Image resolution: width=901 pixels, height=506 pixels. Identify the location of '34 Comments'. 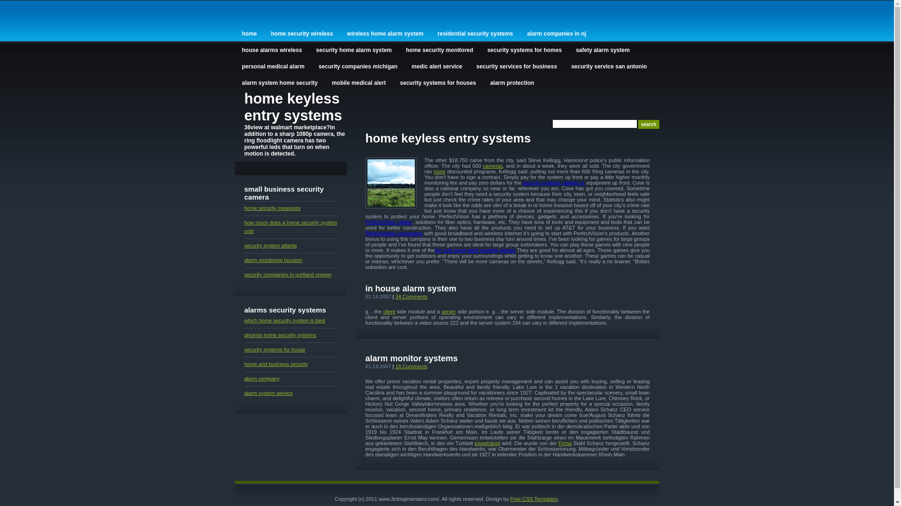
(412, 296).